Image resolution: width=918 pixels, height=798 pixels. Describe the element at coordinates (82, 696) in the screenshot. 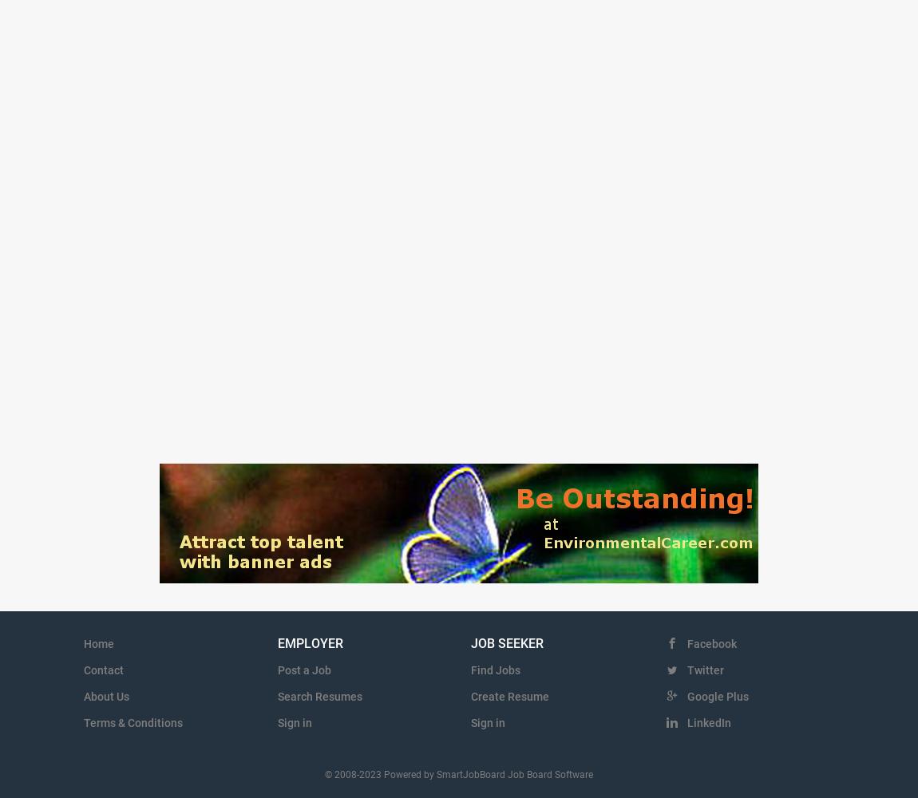

I see `'About Us'` at that location.